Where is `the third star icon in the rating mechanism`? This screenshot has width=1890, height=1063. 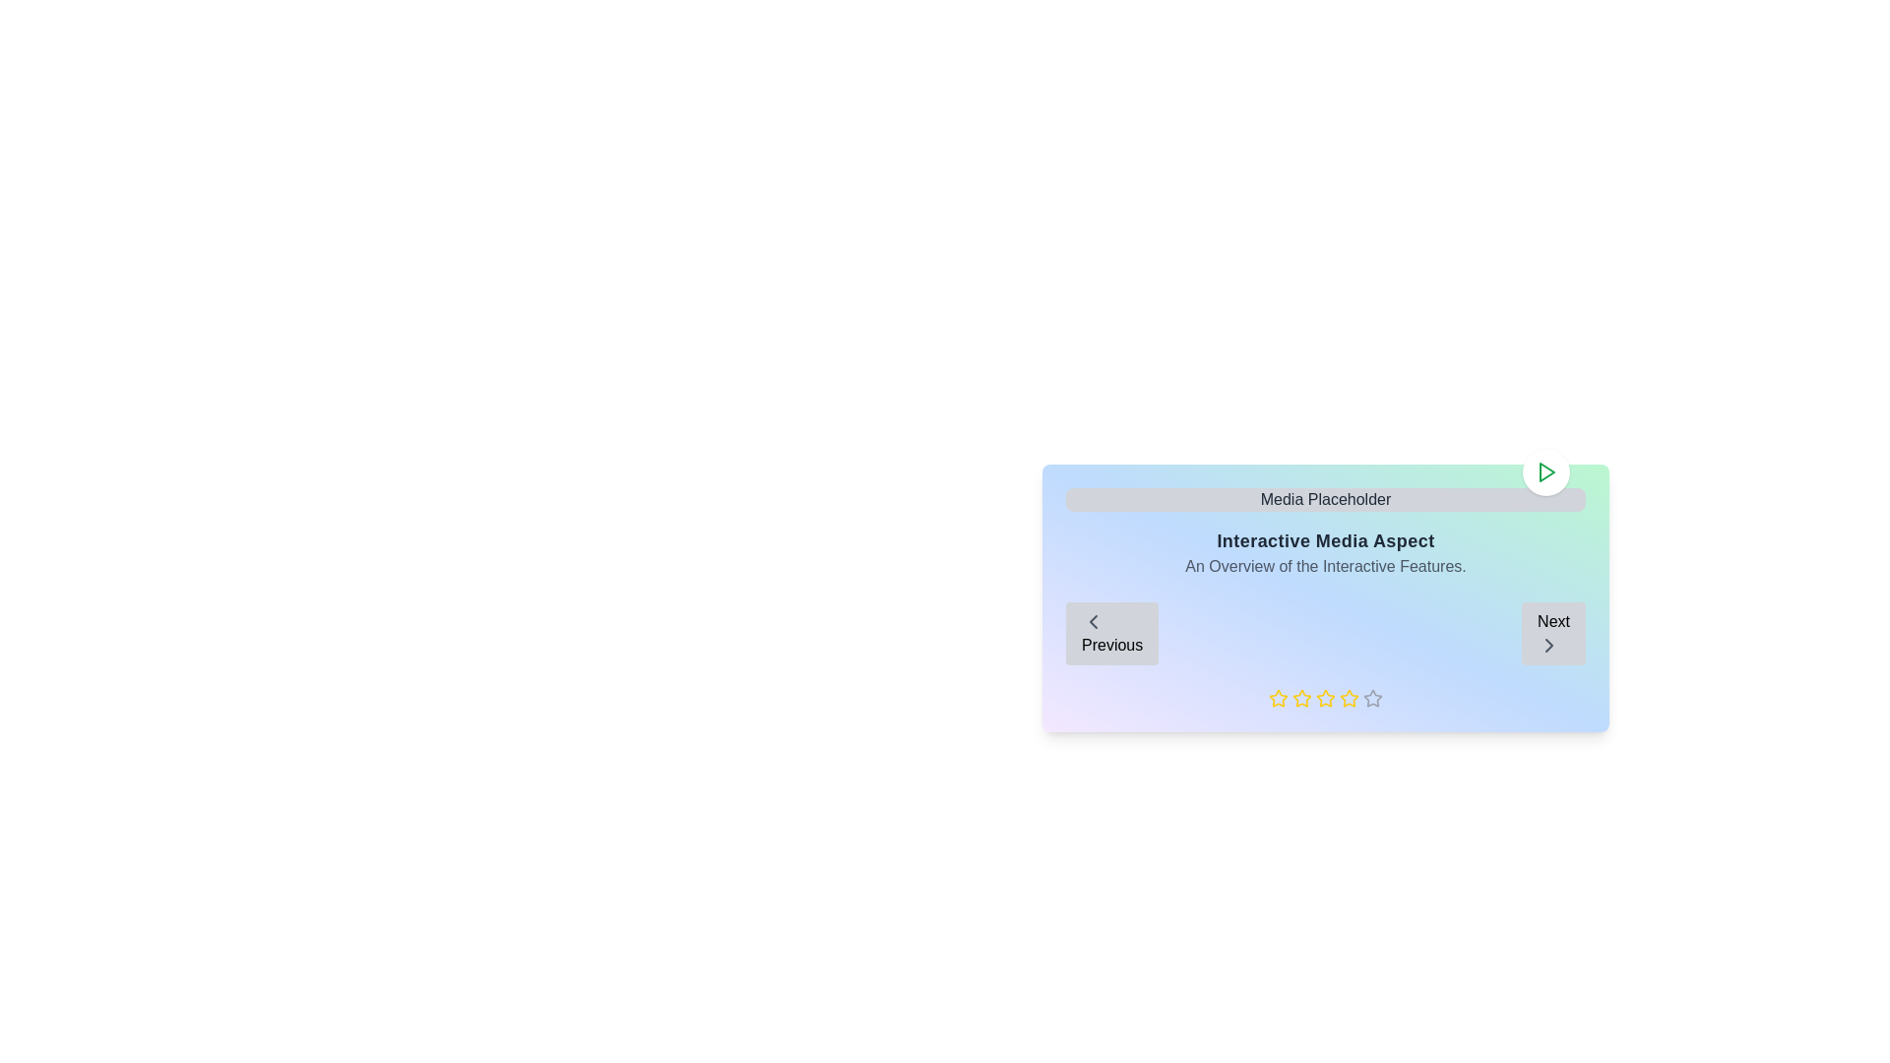
the third star icon in the rating mechanism is located at coordinates (1302, 697).